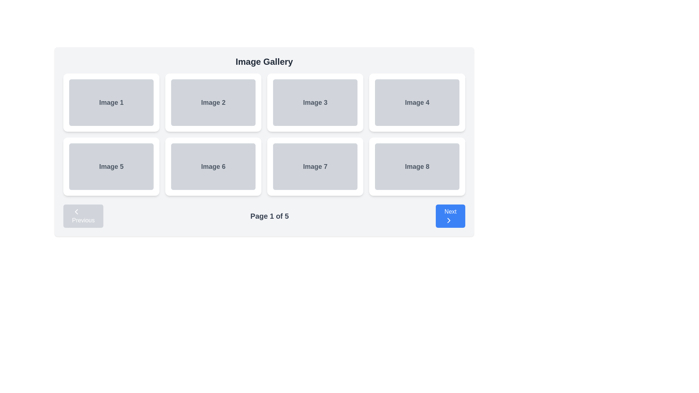  What do you see at coordinates (449, 220) in the screenshot?
I see `the 'Next' SVG icon located within the 'Next' button at the bottom-right corner of the interface` at bounding box center [449, 220].